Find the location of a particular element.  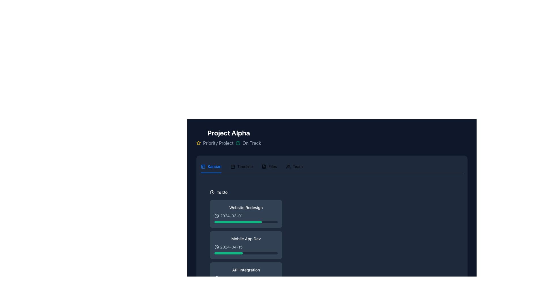

the text label displaying '2024-03-20' which is styled with a light gray font color and accompanied by a clock icon, positioned beneath the 'API Integration' text is located at coordinates (246, 278).